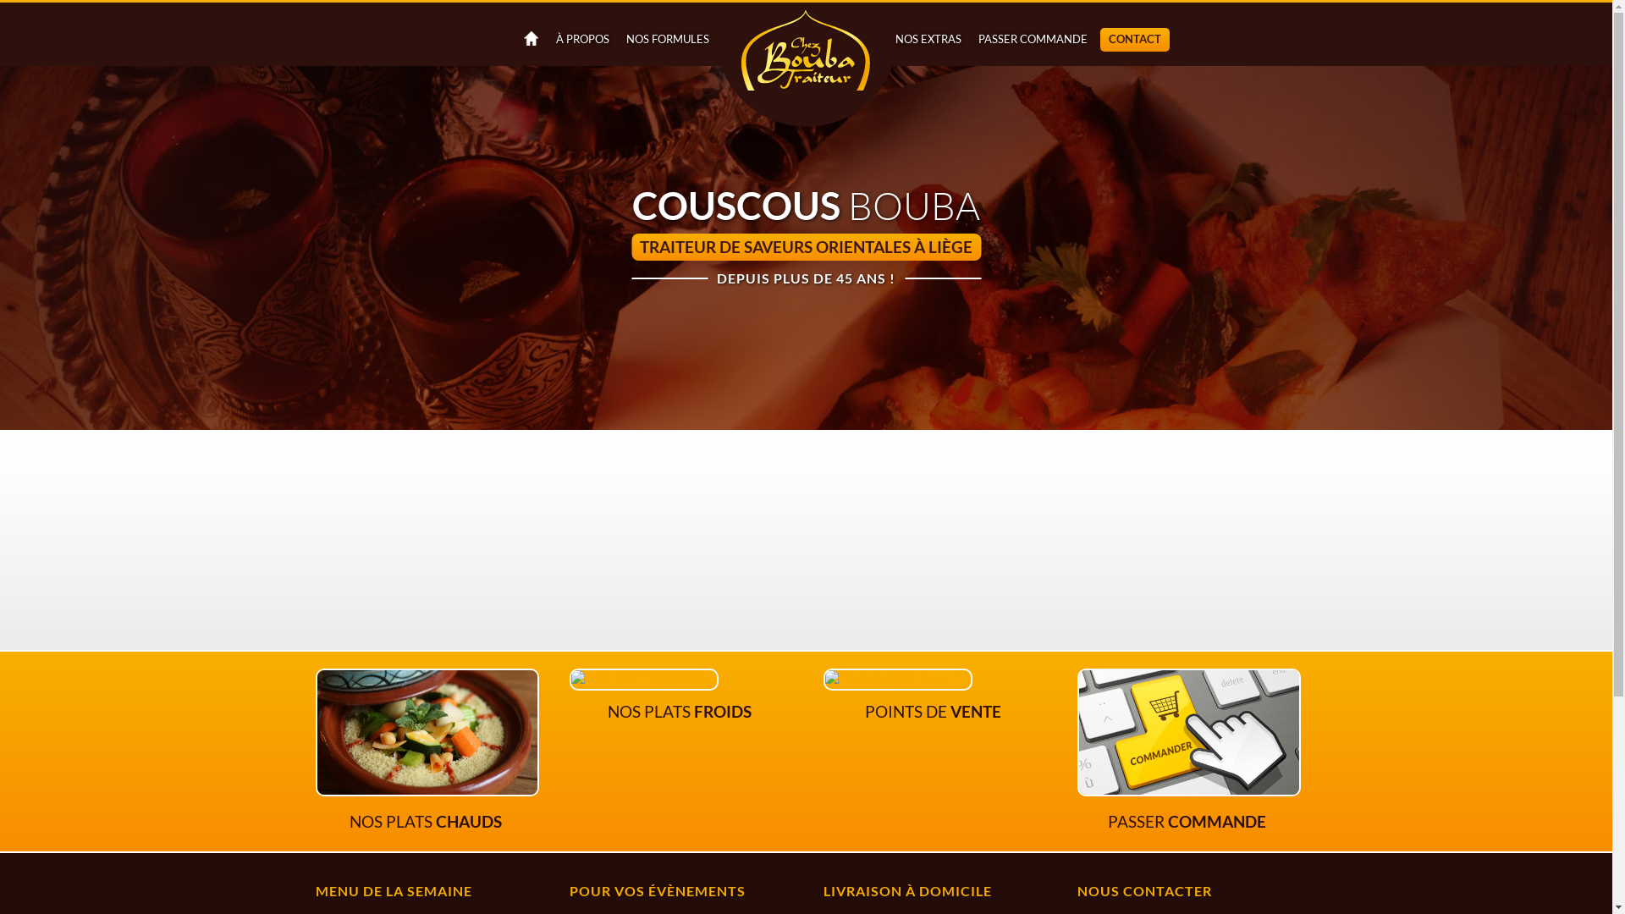  Describe the element at coordinates (1134, 38) in the screenshot. I see `'CONTACT'` at that location.